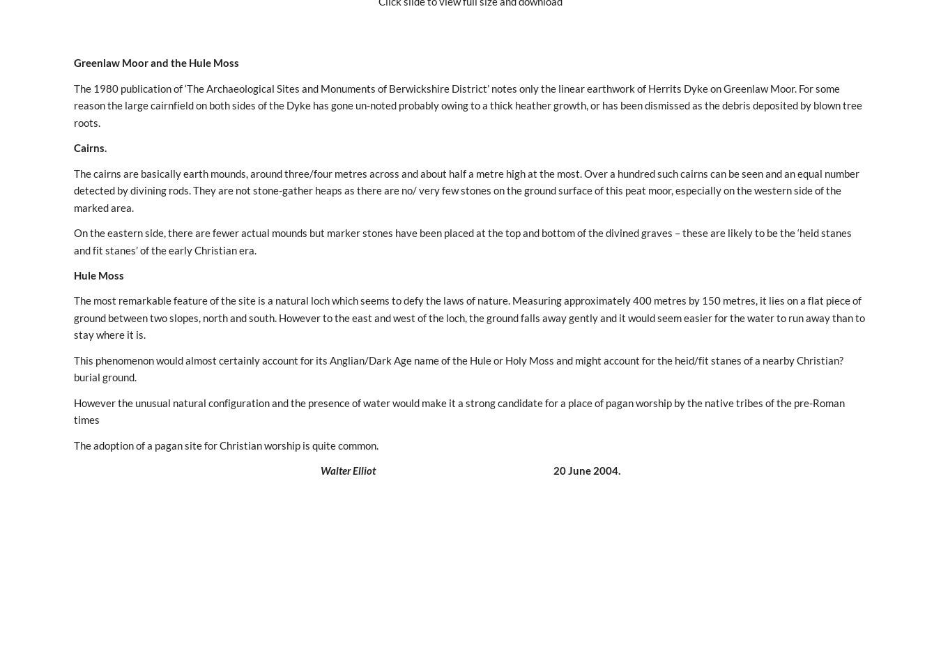  What do you see at coordinates (89, 147) in the screenshot?
I see `'Cairns.'` at bounding box center [89, 147].